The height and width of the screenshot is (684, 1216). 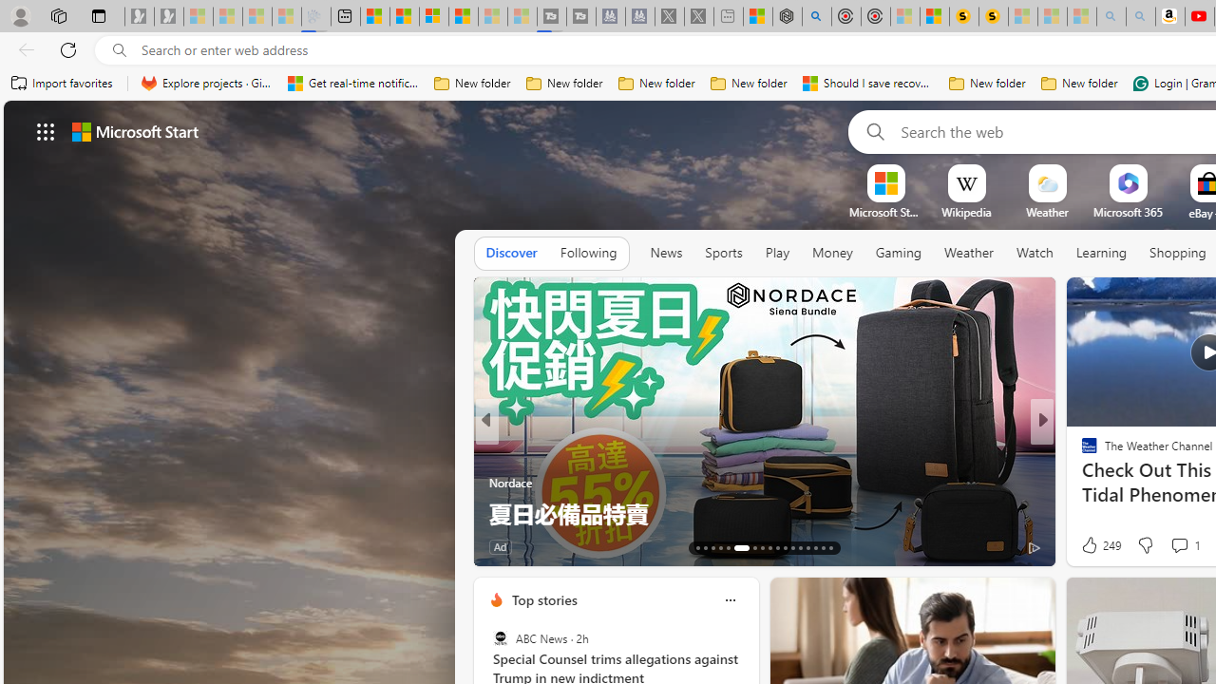 What do you see at coordinates (791, 548) in the screenshot?
I see `'AutomationID: tab-24'` at bounding box center [791, 548].